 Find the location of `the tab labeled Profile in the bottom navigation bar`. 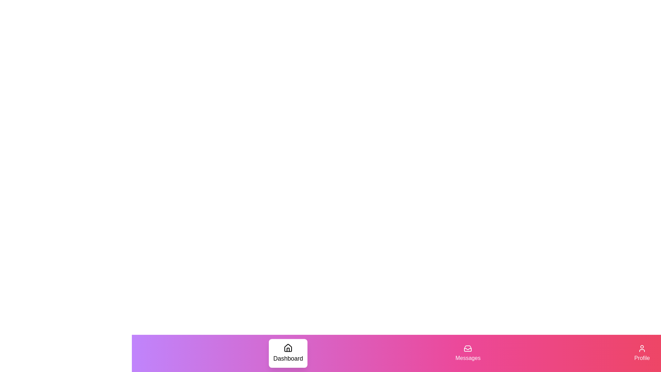

the tab labeled Profile in the bottom navigation bar is located at coordinates (642, 353).